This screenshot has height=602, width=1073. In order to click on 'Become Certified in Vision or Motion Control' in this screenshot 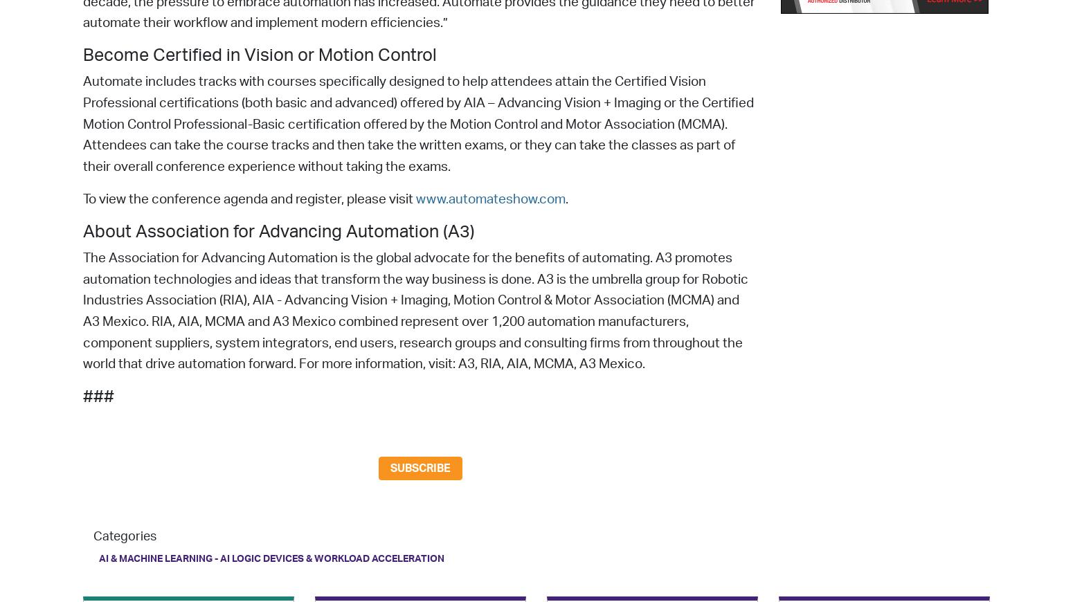, I will do `click(259, 55)`.